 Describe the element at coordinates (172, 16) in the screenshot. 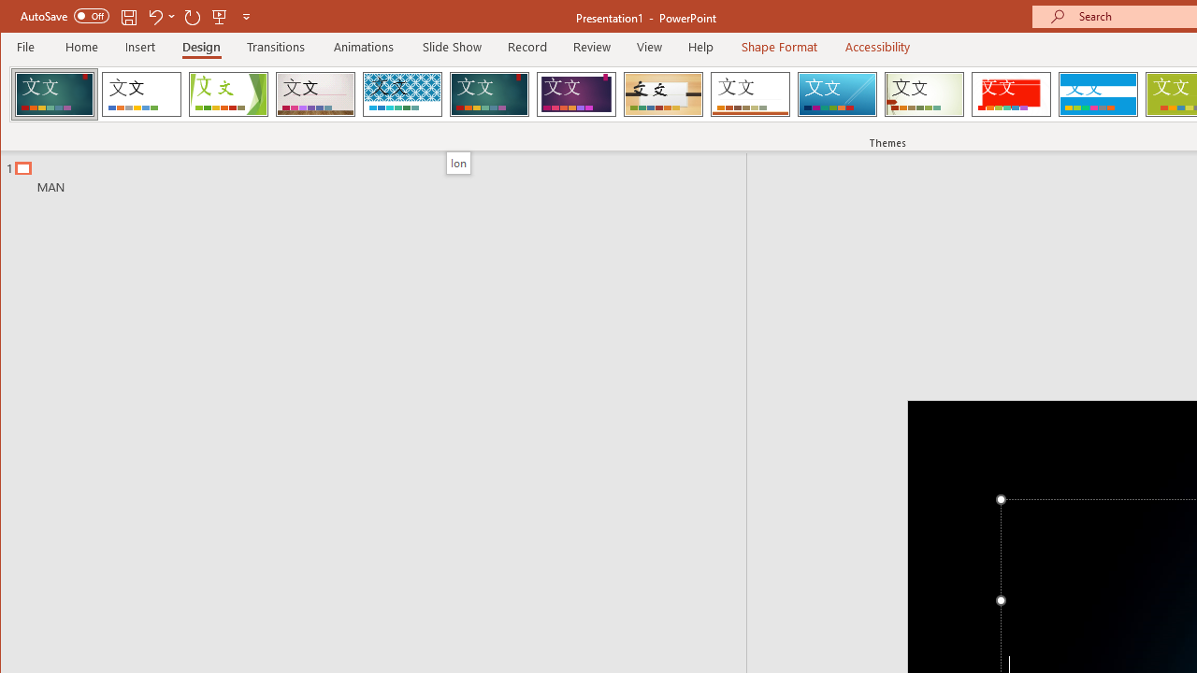

I see `'More Options'` at that location.